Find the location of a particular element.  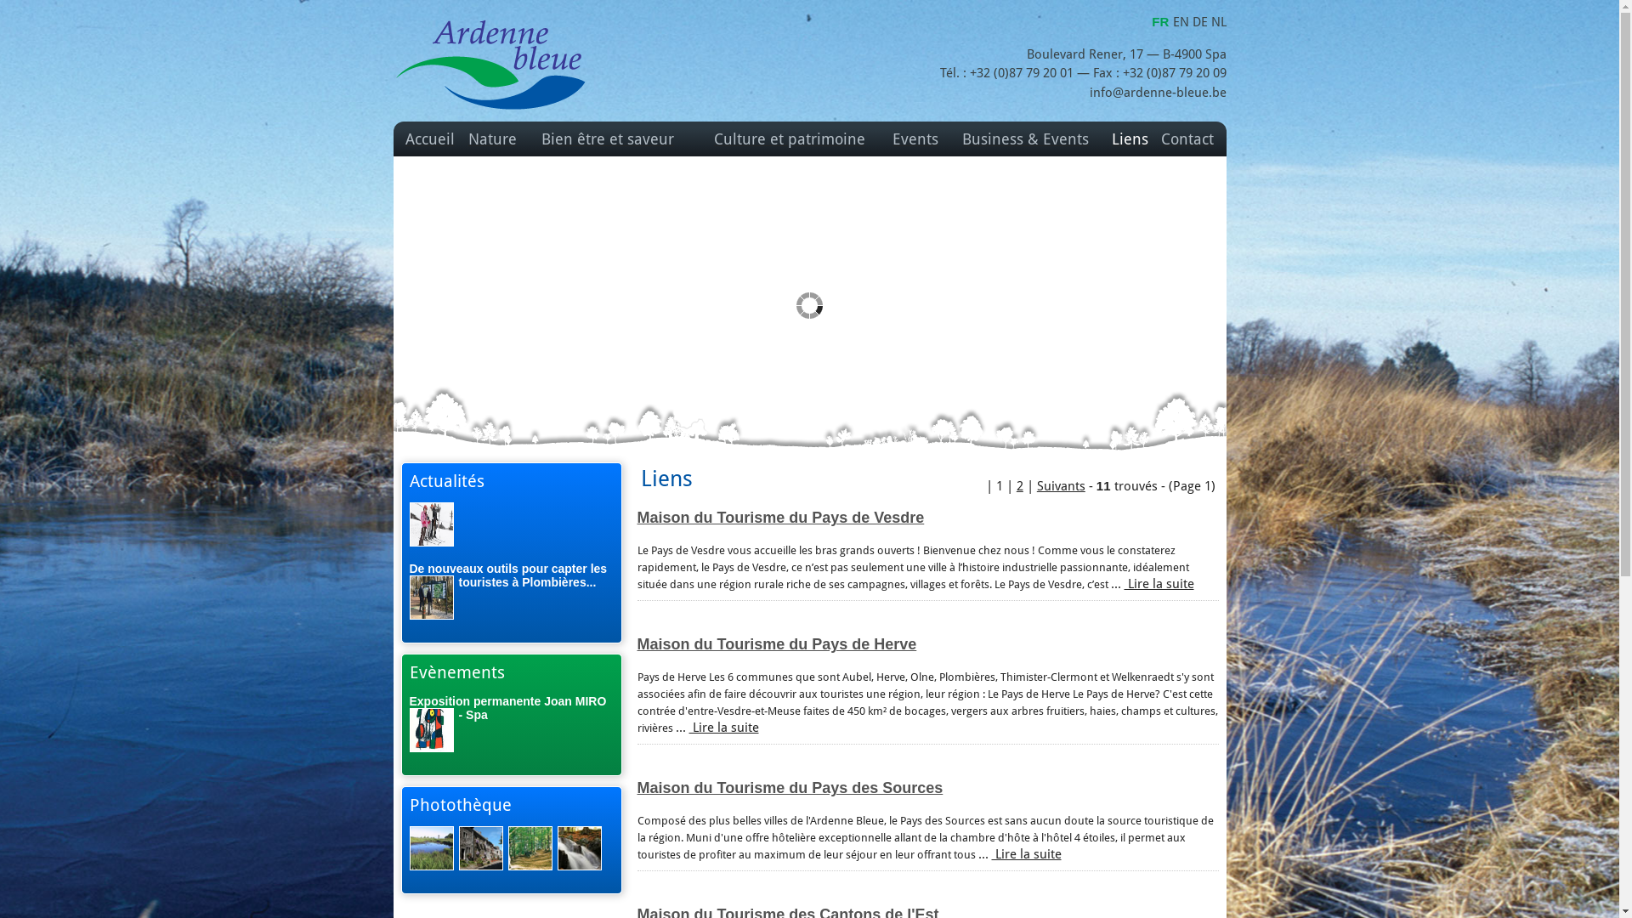

'FR' is located at coordinates (1161, 21).